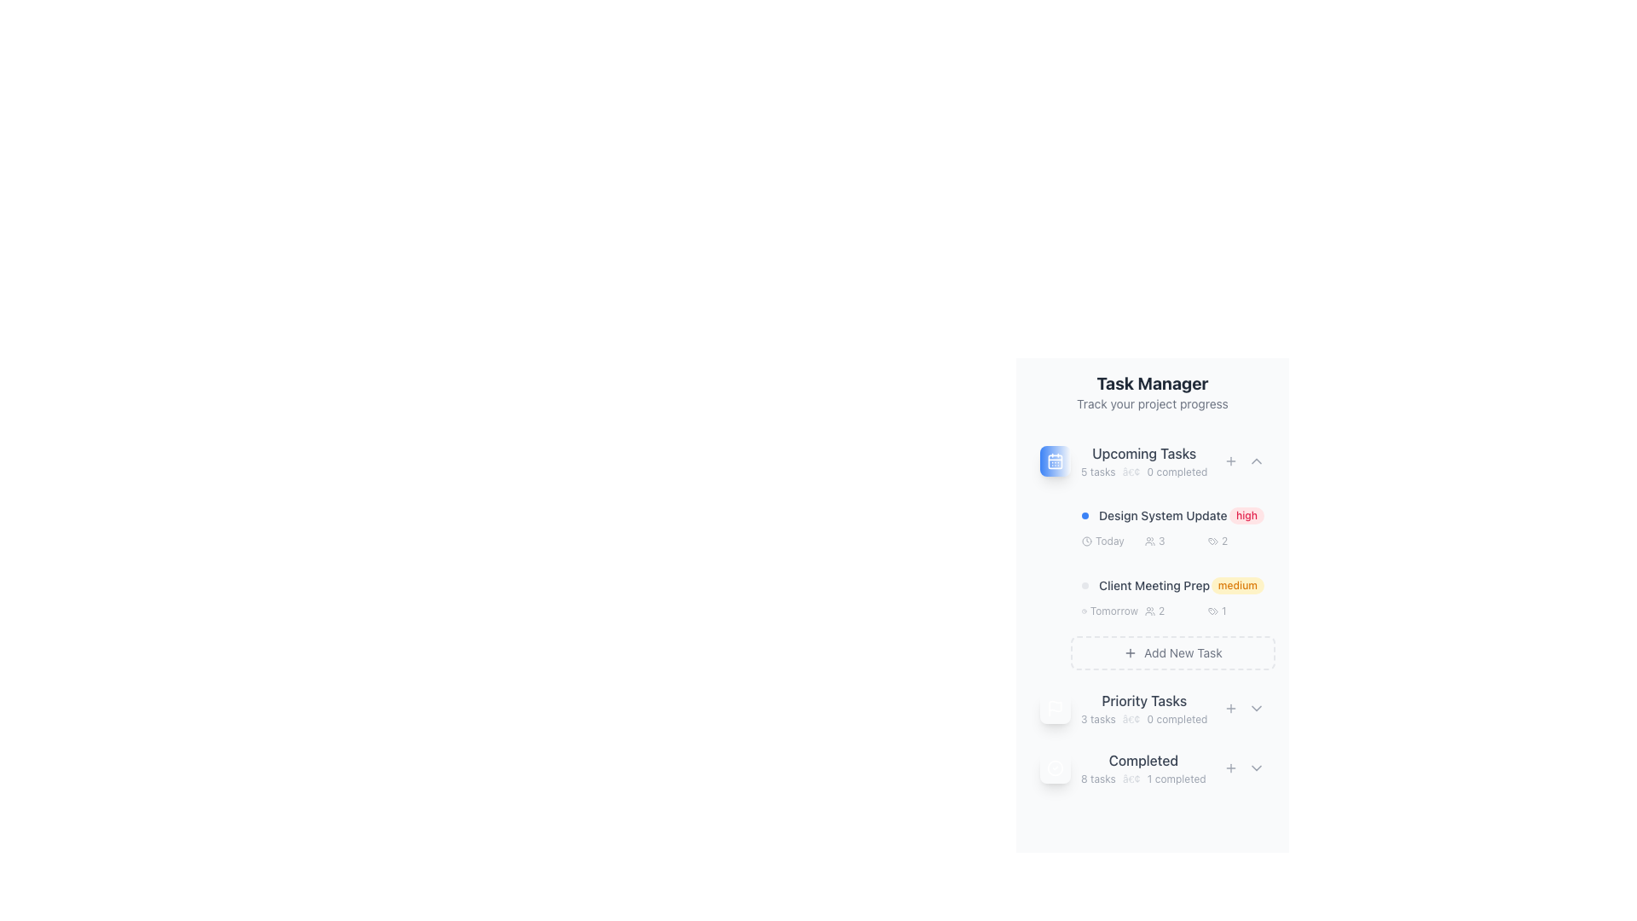 The height and width of the screenshot is (921, 1637). I want to click on the 'Add New Task' button, which is a horizontal rectangular button with a dashed border and a light gray background, located in the bottom part of the 'Upcoming Tasks' section, so click(1172, 652).